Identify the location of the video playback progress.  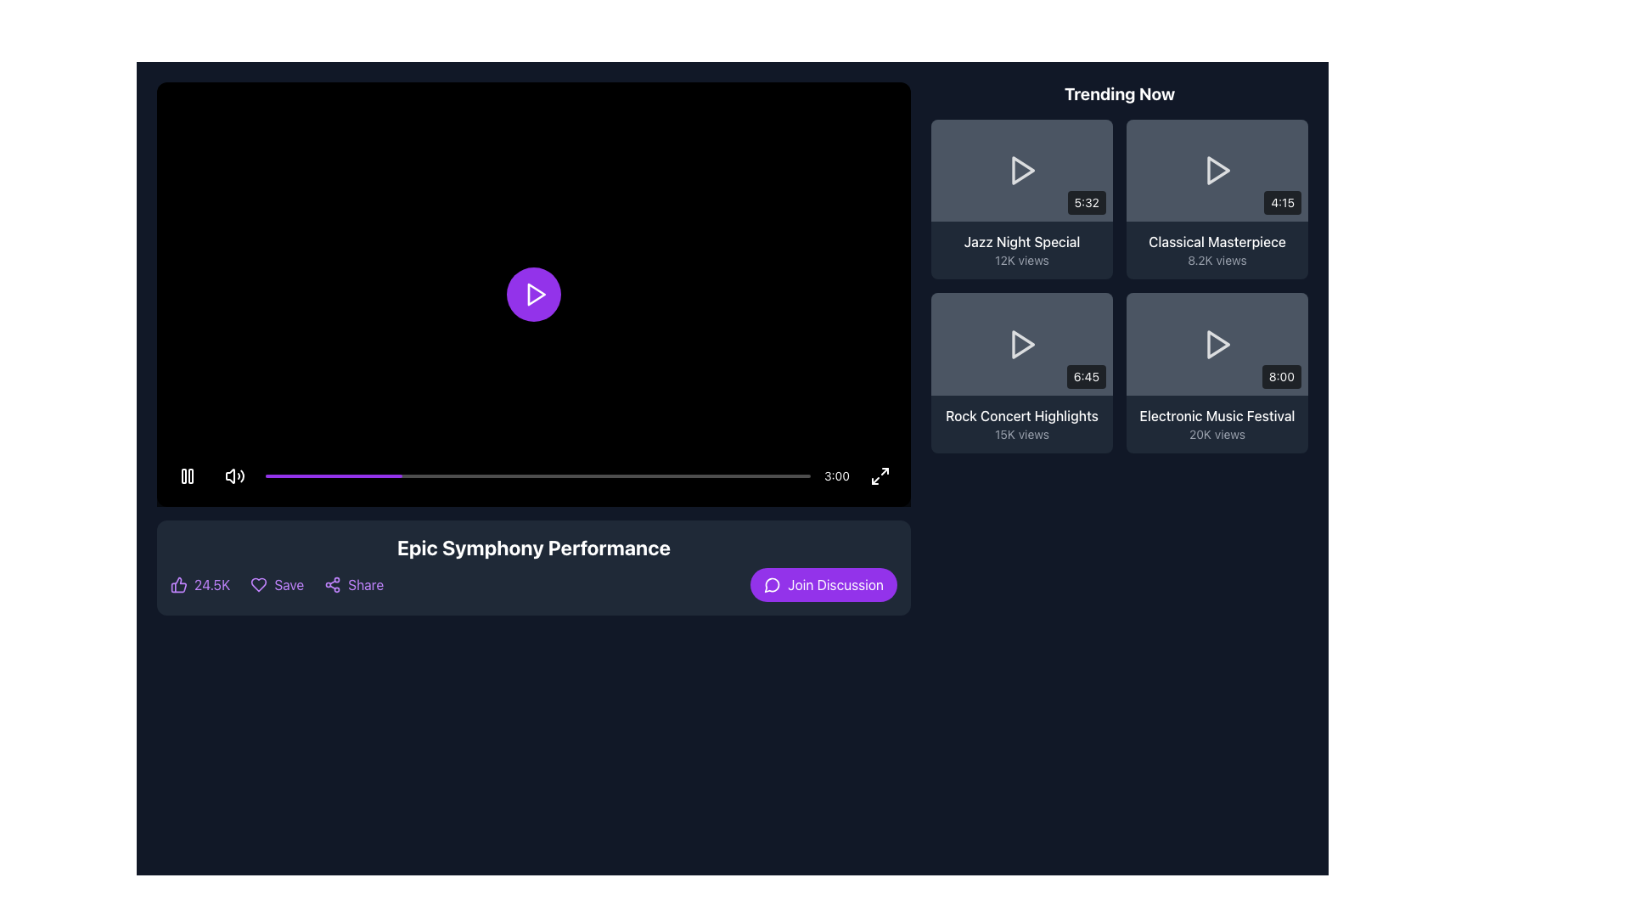
(314, 475).